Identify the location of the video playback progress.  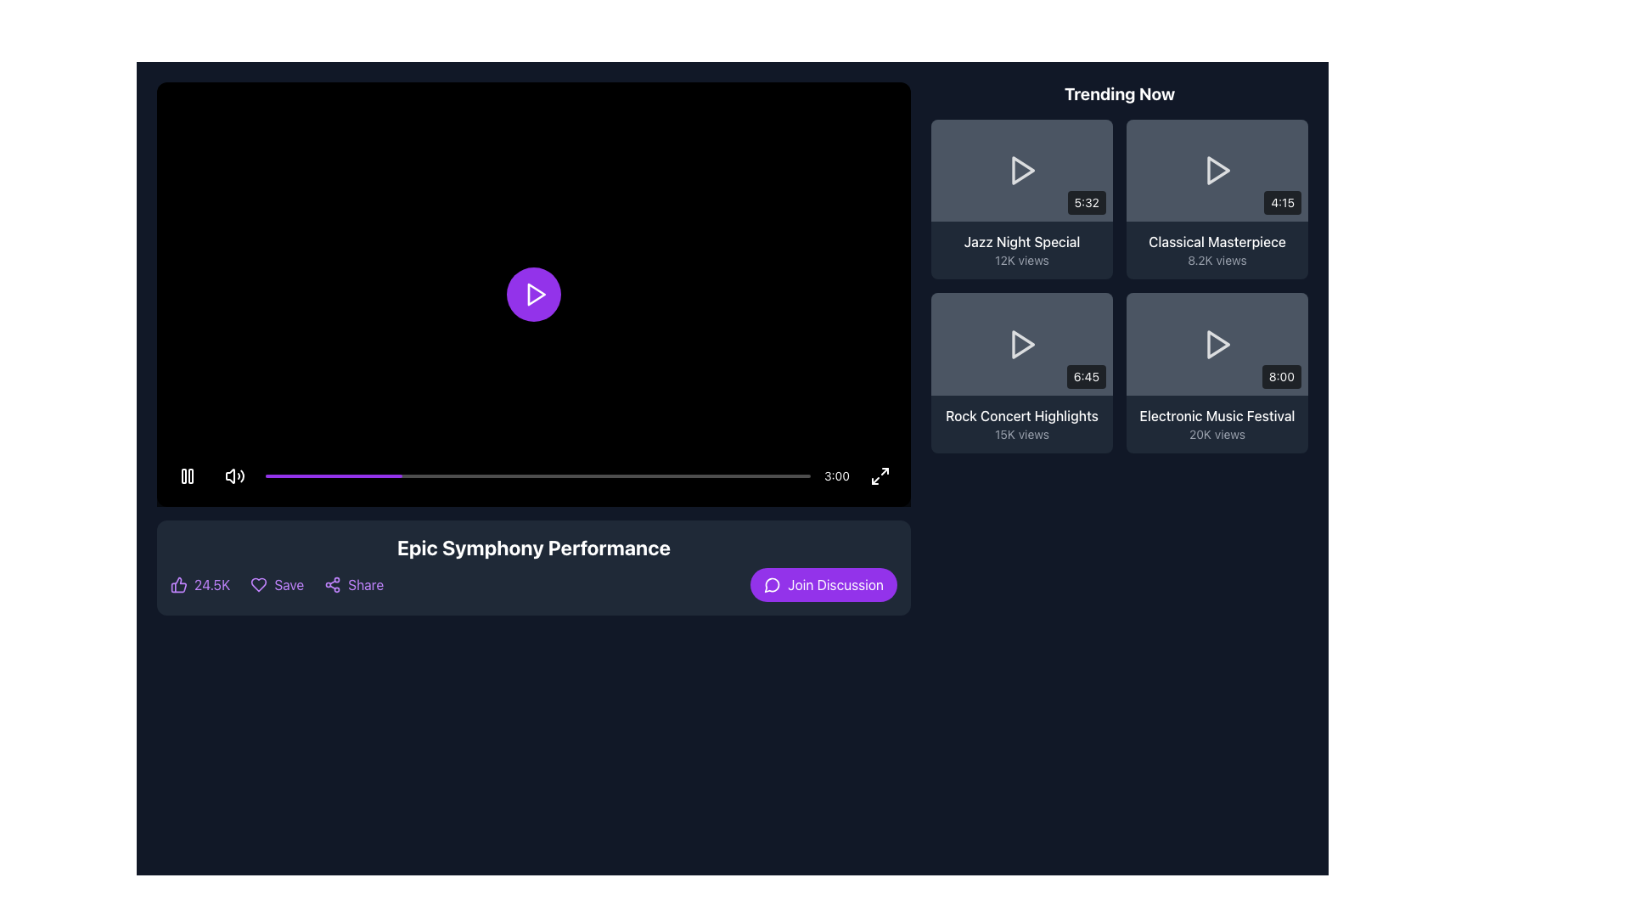
(314, 475).